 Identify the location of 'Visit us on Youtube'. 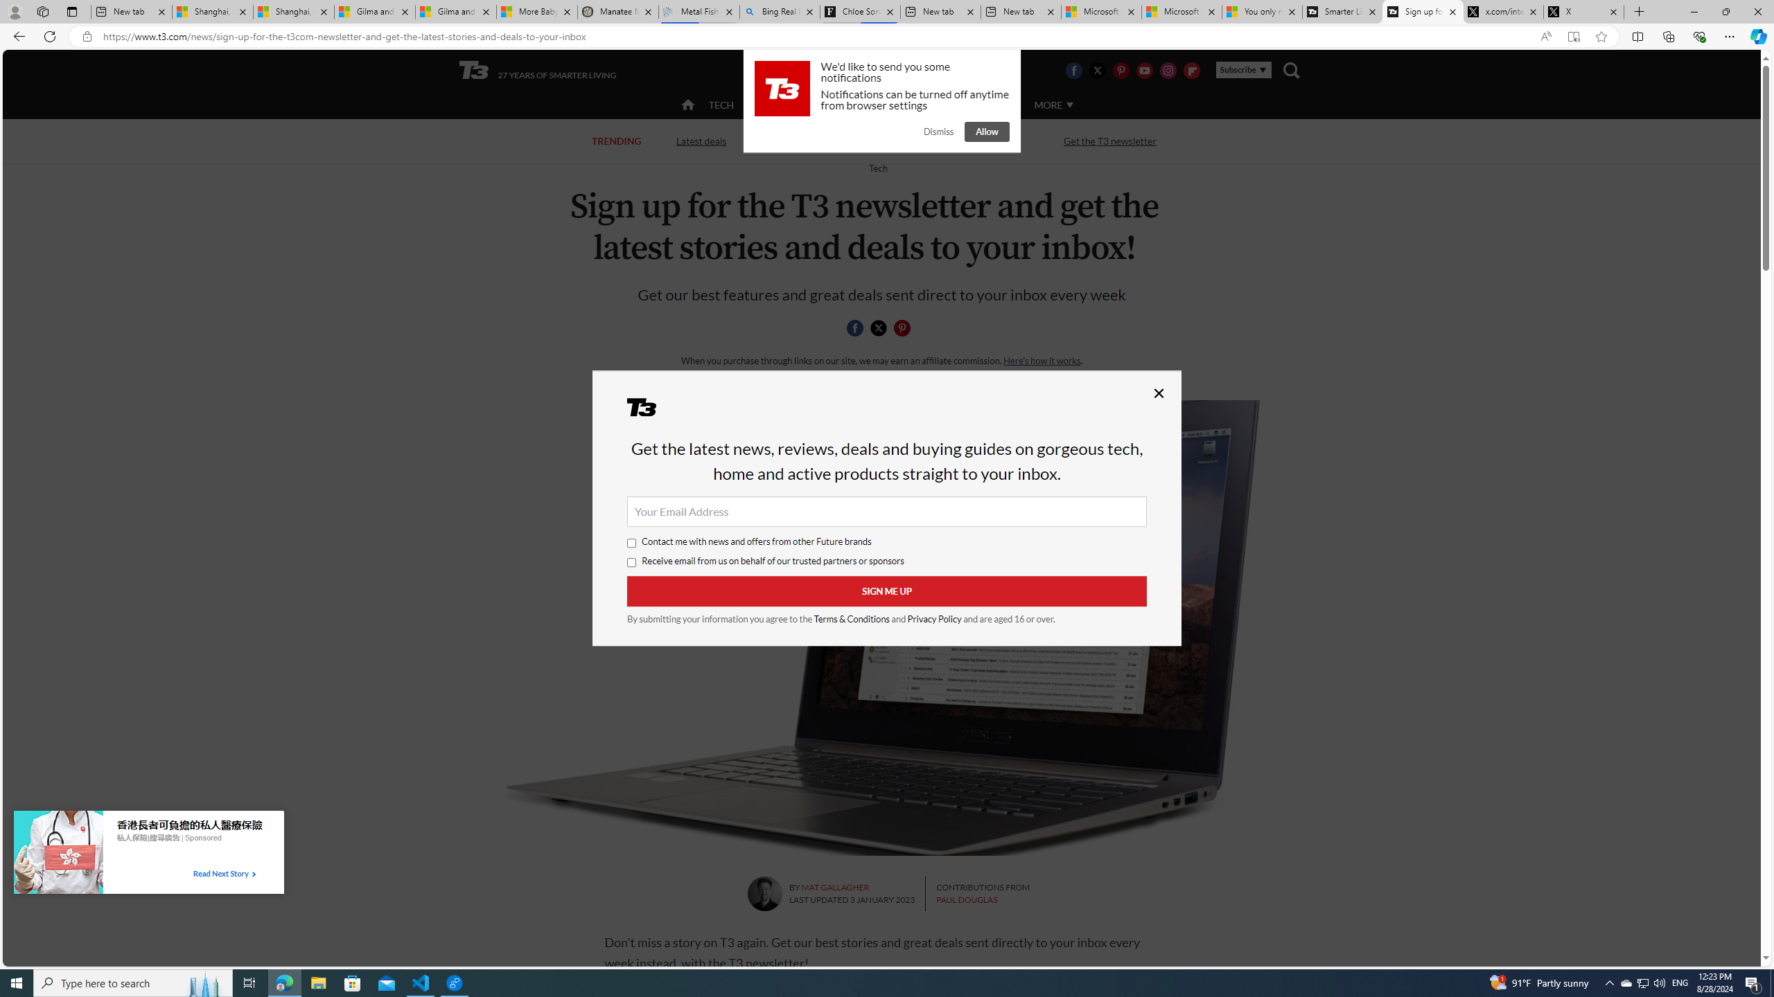
(1143, 69).